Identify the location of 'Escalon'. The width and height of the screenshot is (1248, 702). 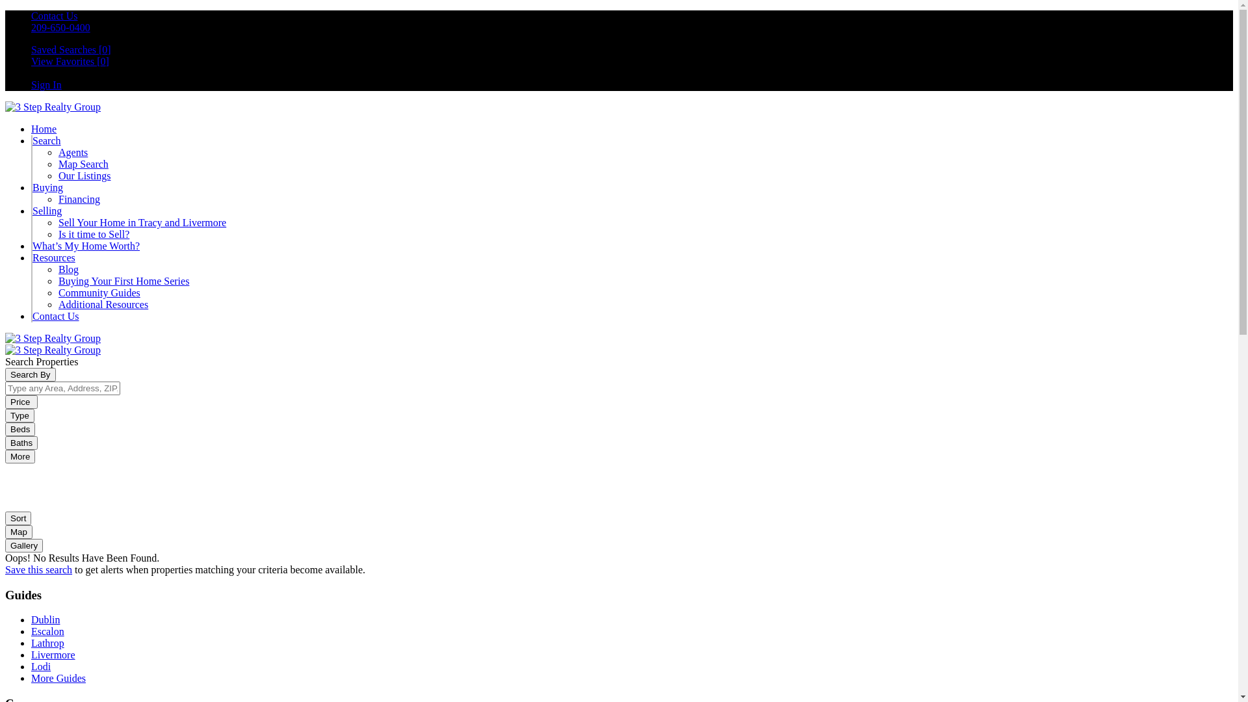
(47, 630).